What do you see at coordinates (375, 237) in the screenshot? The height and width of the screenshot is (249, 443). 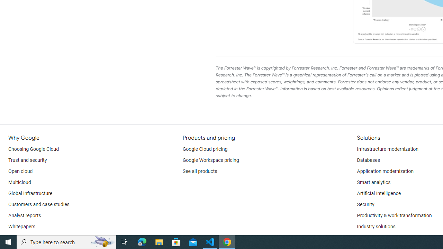 I see `'DevOps solutions'` at bounding box center [375, 237].